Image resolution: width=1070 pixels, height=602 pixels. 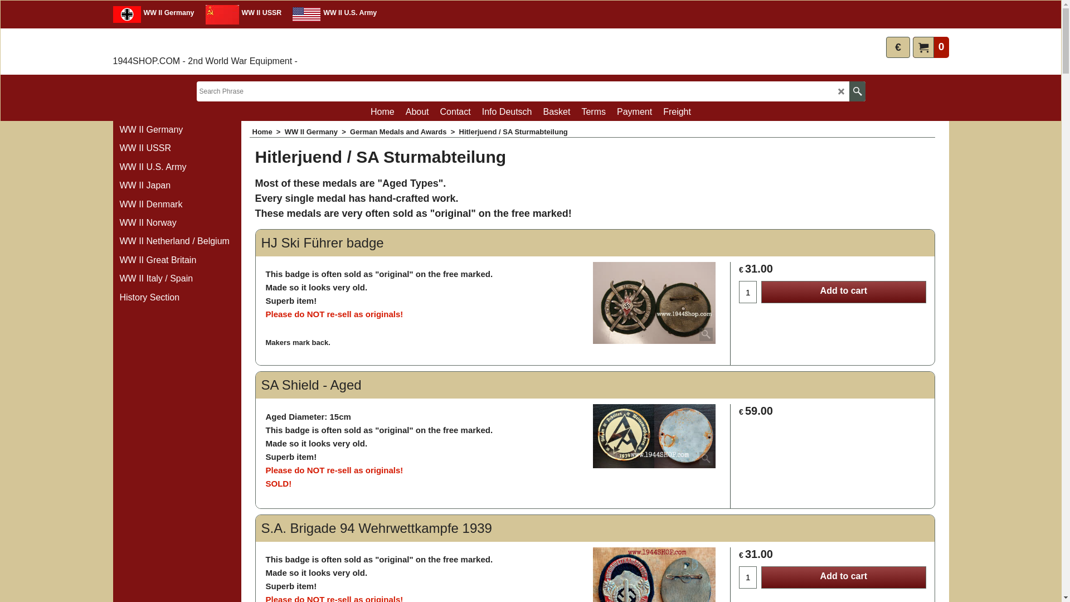 What do you see at coordinates (403, 131) in the screenshot?
I see `'German Medals and Awards  > '` at bounding box center [403, 131].